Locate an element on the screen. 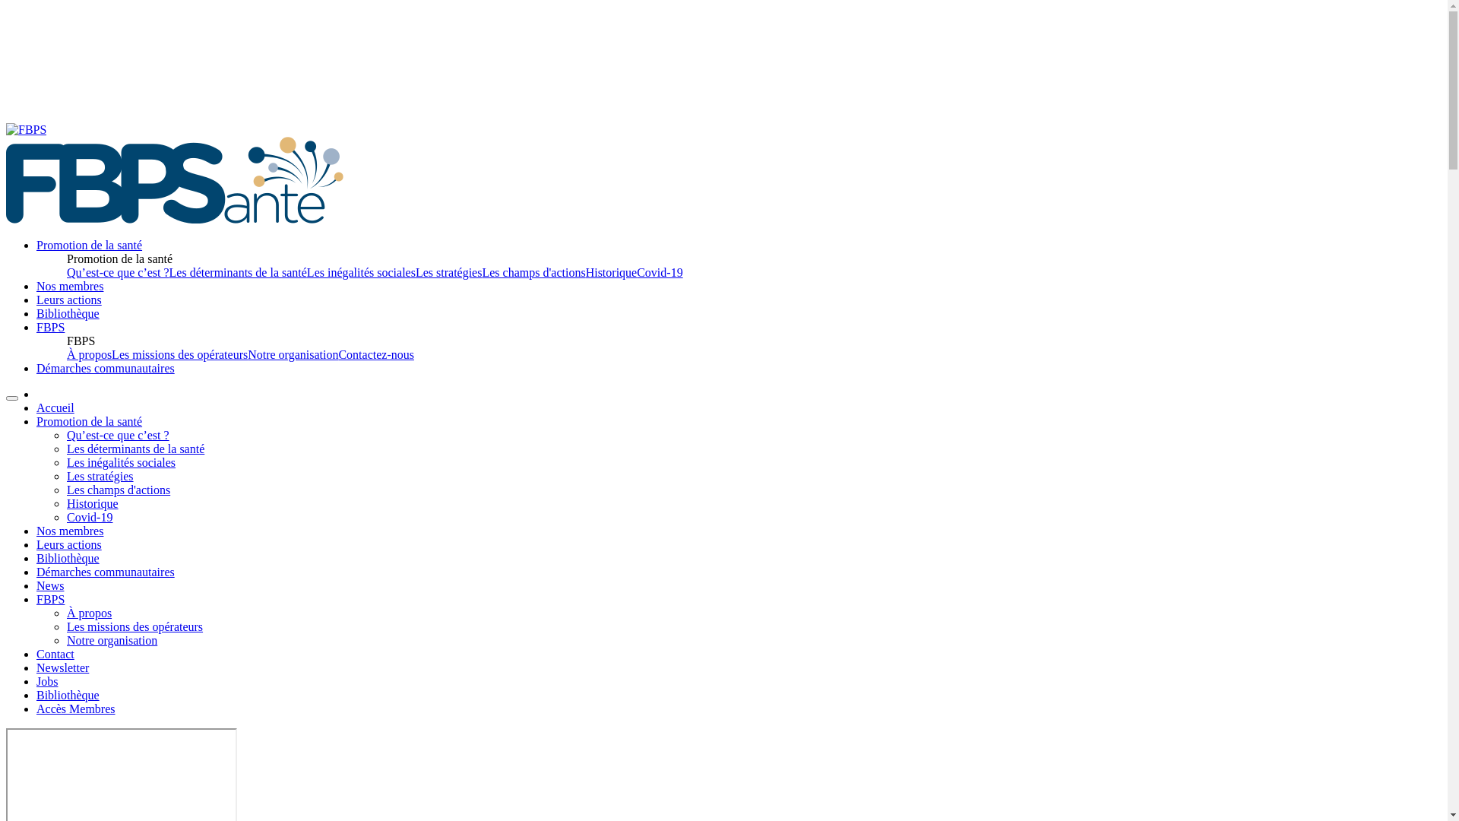 This screenshot has width=1459, height=821. 'Les champs d'actions' is located at coordinates (65, 490).